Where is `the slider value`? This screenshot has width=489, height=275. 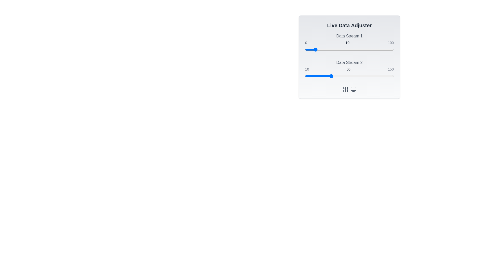 the slider value is located at coordinates (391, 76).